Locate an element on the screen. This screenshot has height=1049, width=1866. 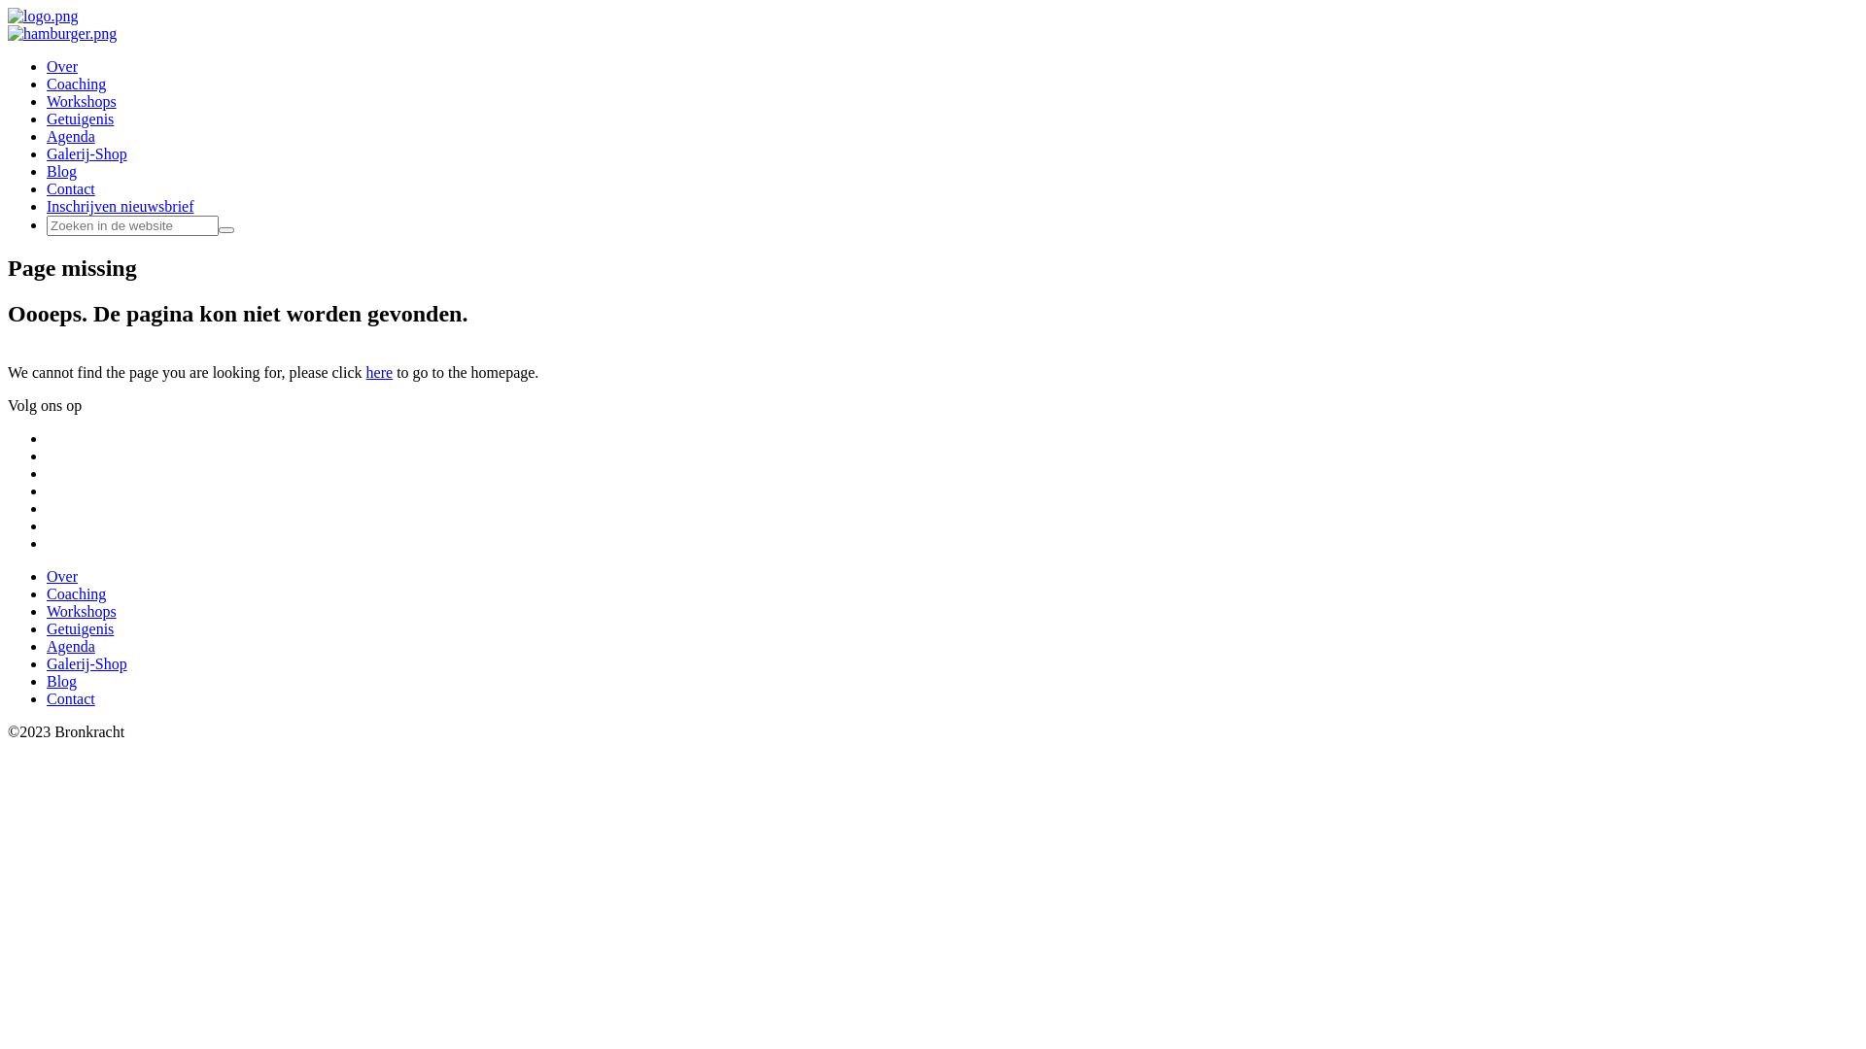
'Coaching' is located at coordinates (76, 83).